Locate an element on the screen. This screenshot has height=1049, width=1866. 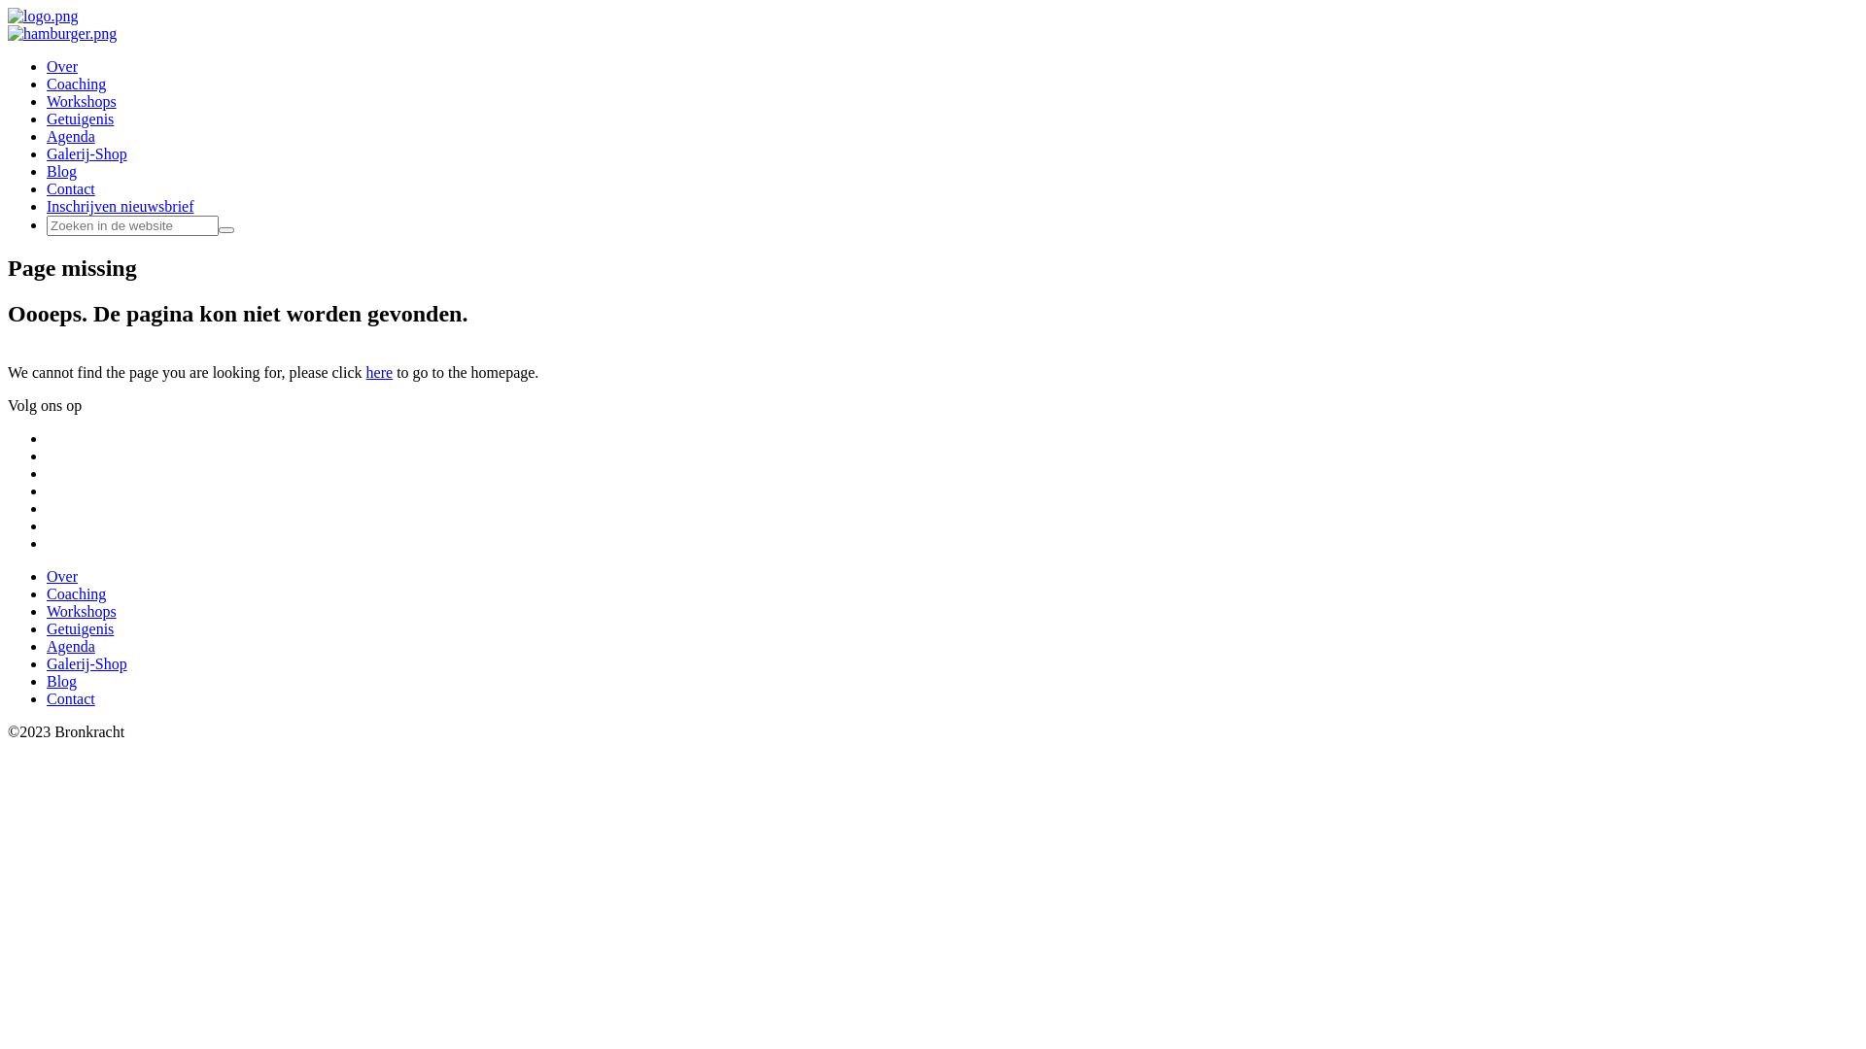
'Coaching' is located at coordinates (76, 83).